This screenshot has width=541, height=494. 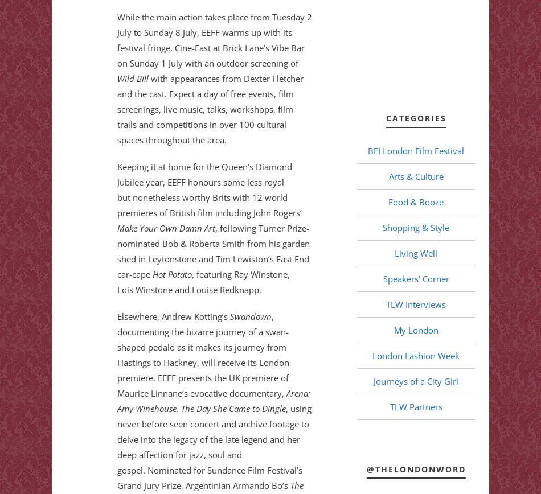 What do you see at coordinates (213, 401) in the screenshot?
I see `'Arena: Amy Winehouse, The Day She Came to Dingle'` at bounding box center [213, 401].